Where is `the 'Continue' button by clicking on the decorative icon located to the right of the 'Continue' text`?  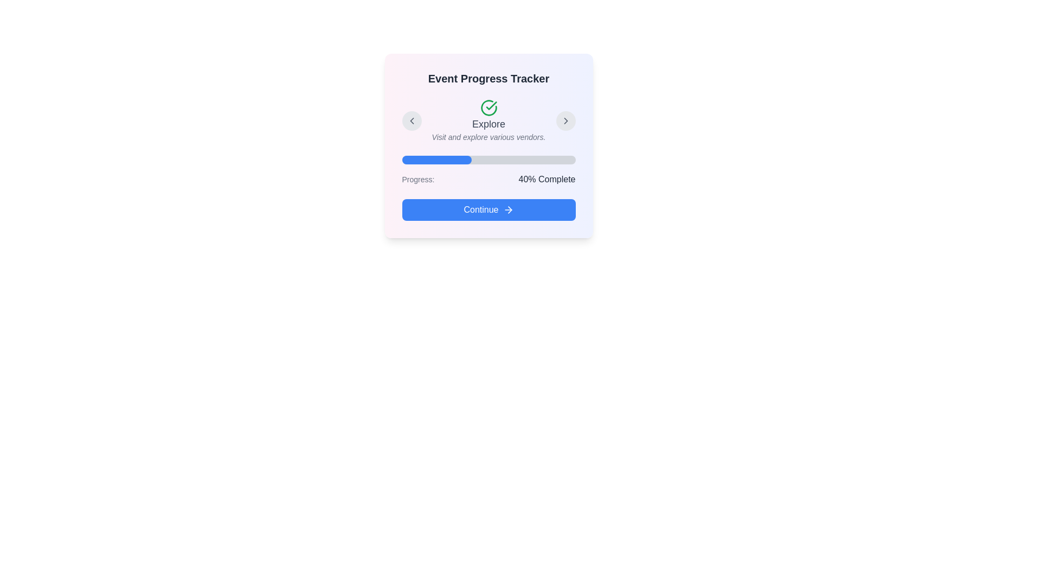
the 'Continue' button by clicking on the decorative icon located to the right of the 'Continue' text is located at coordinates (509, 209).